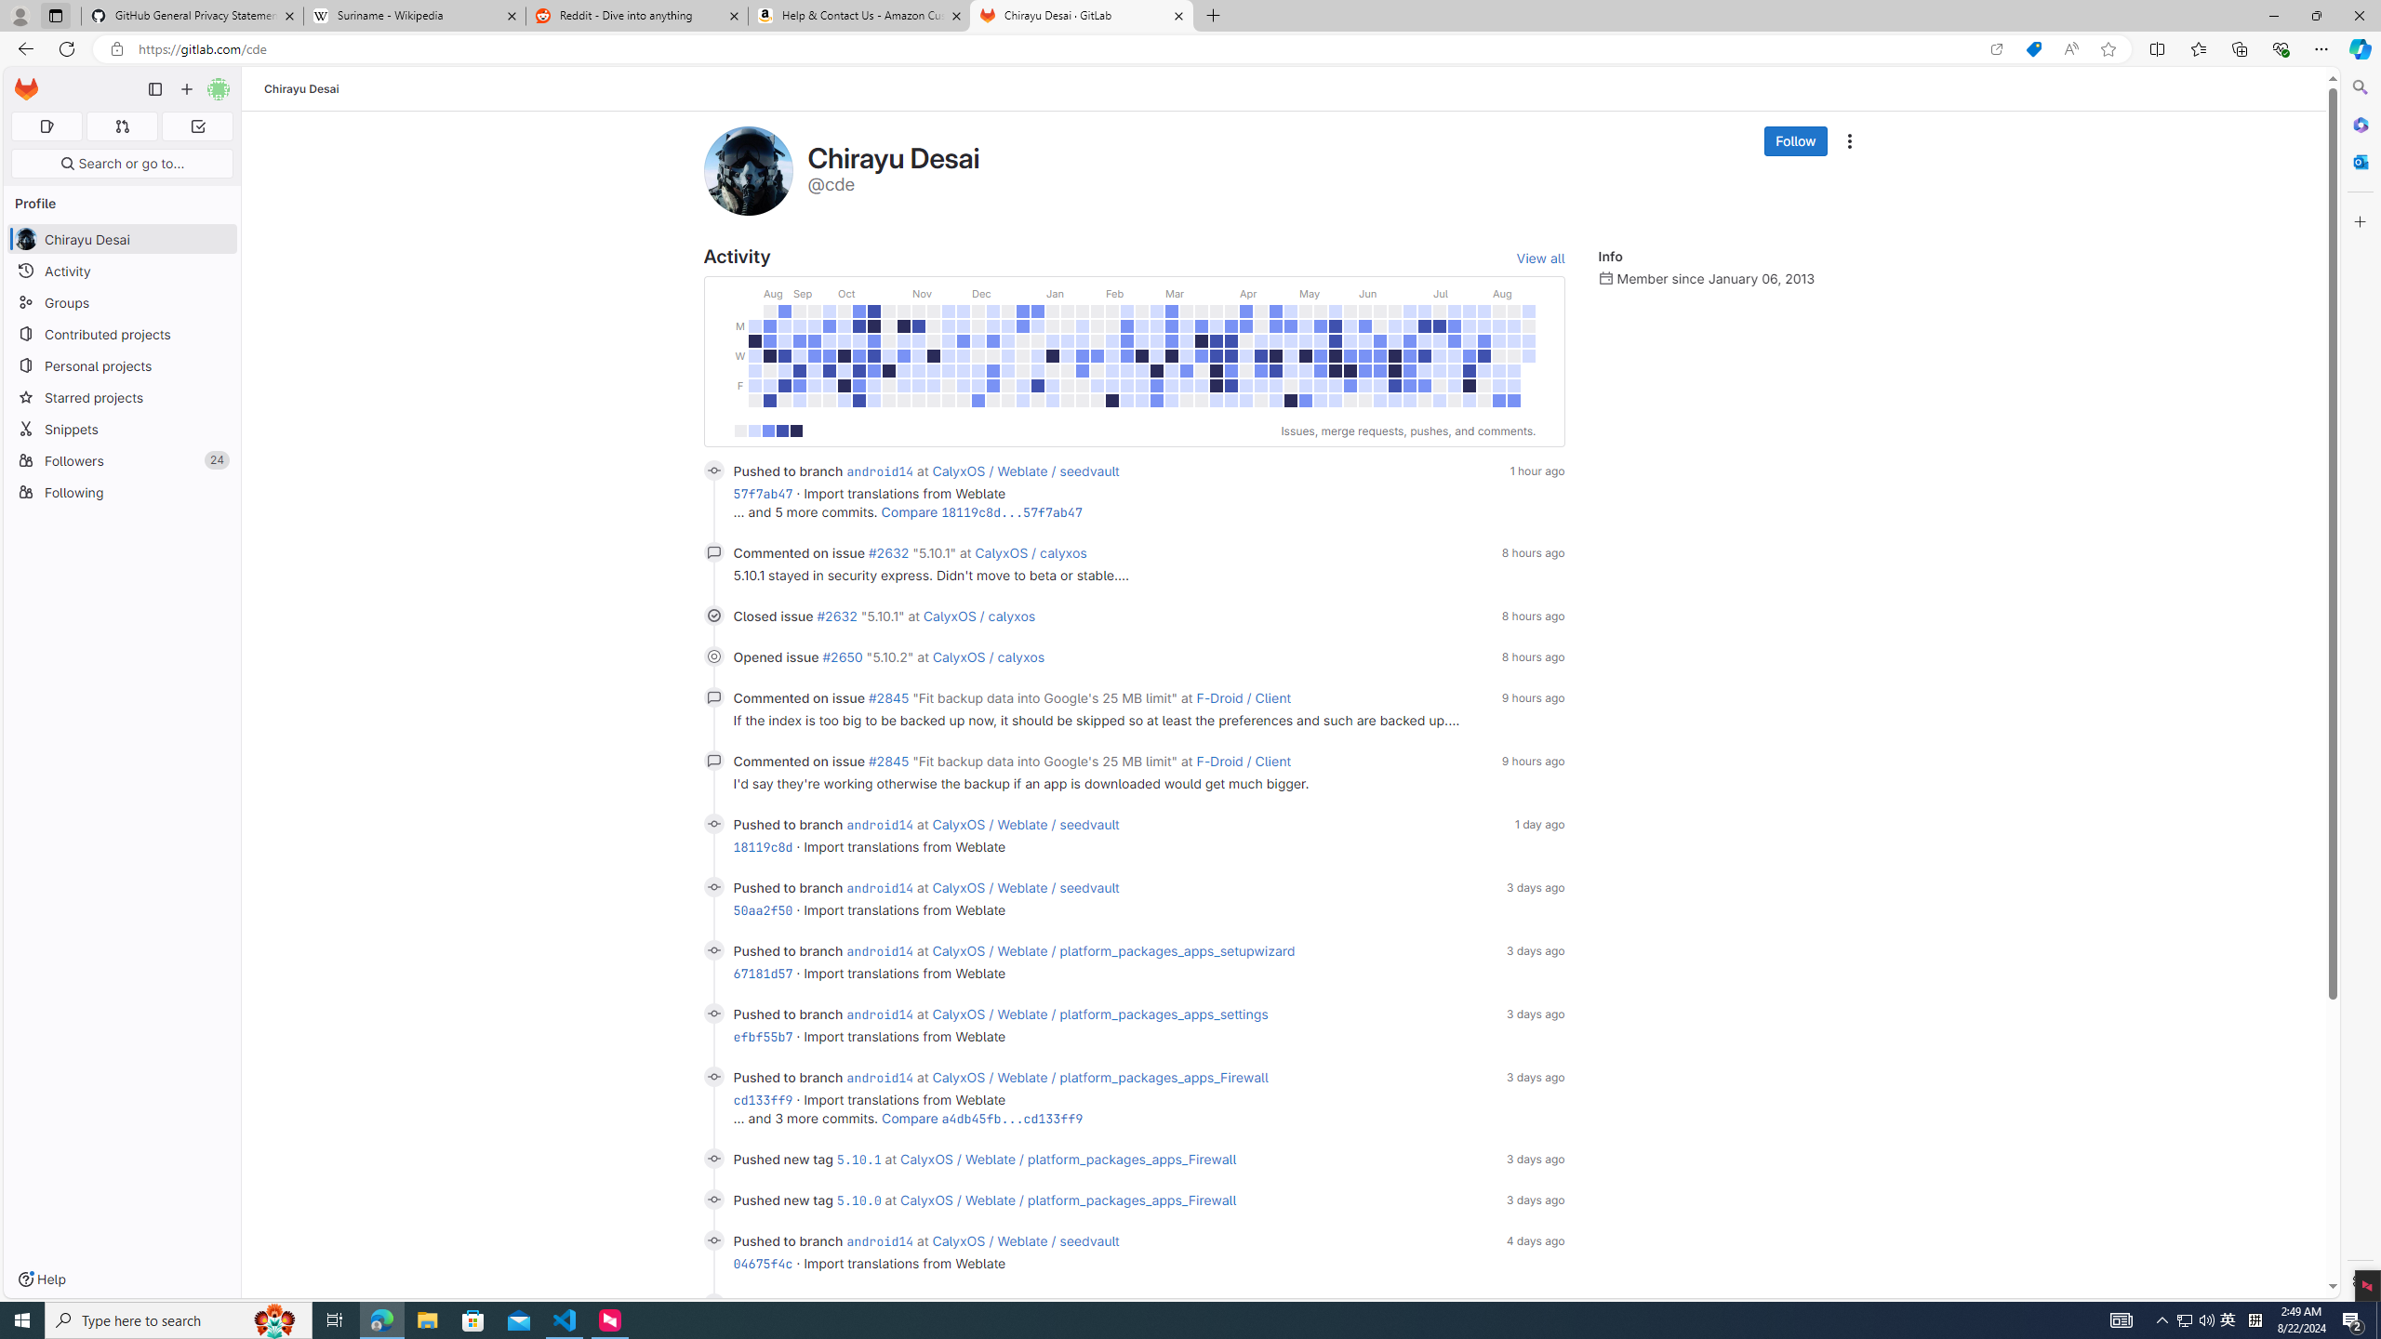 The height and width of the screenshot is (1339, 2381). I want to click on 'Class: s14', so click(713, 1303).